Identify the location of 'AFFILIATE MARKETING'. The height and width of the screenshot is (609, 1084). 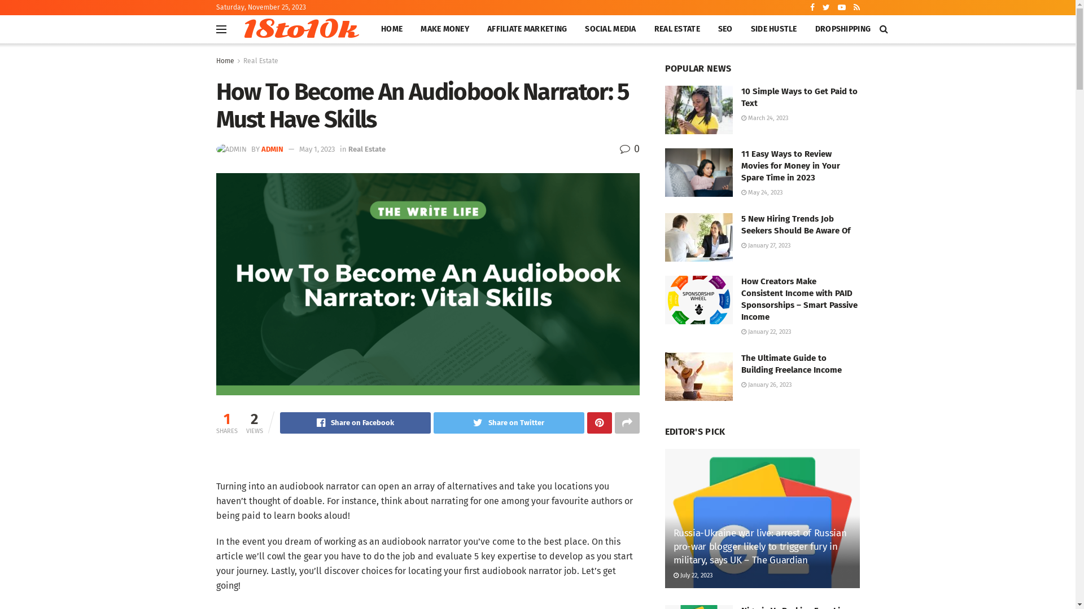
(526, 28).